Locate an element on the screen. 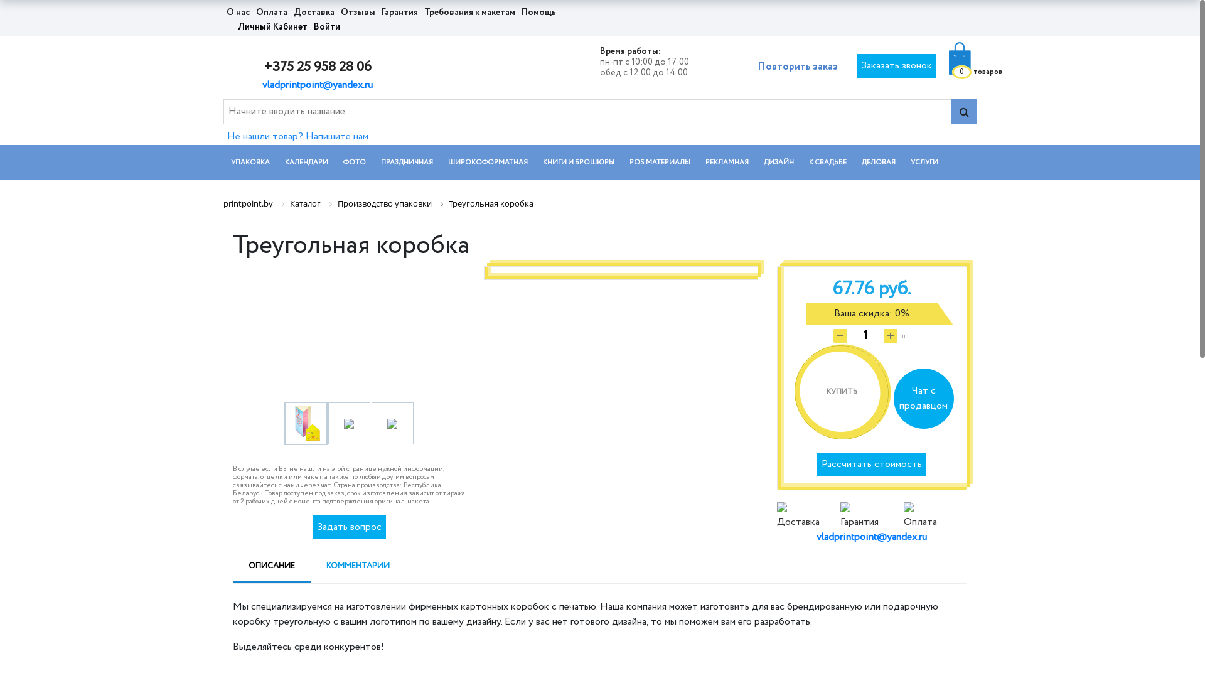 The width and height of the screenshot is (1205, 678). 'vladprintpoint@yandex.ru' is located at coordinates (261, 85).